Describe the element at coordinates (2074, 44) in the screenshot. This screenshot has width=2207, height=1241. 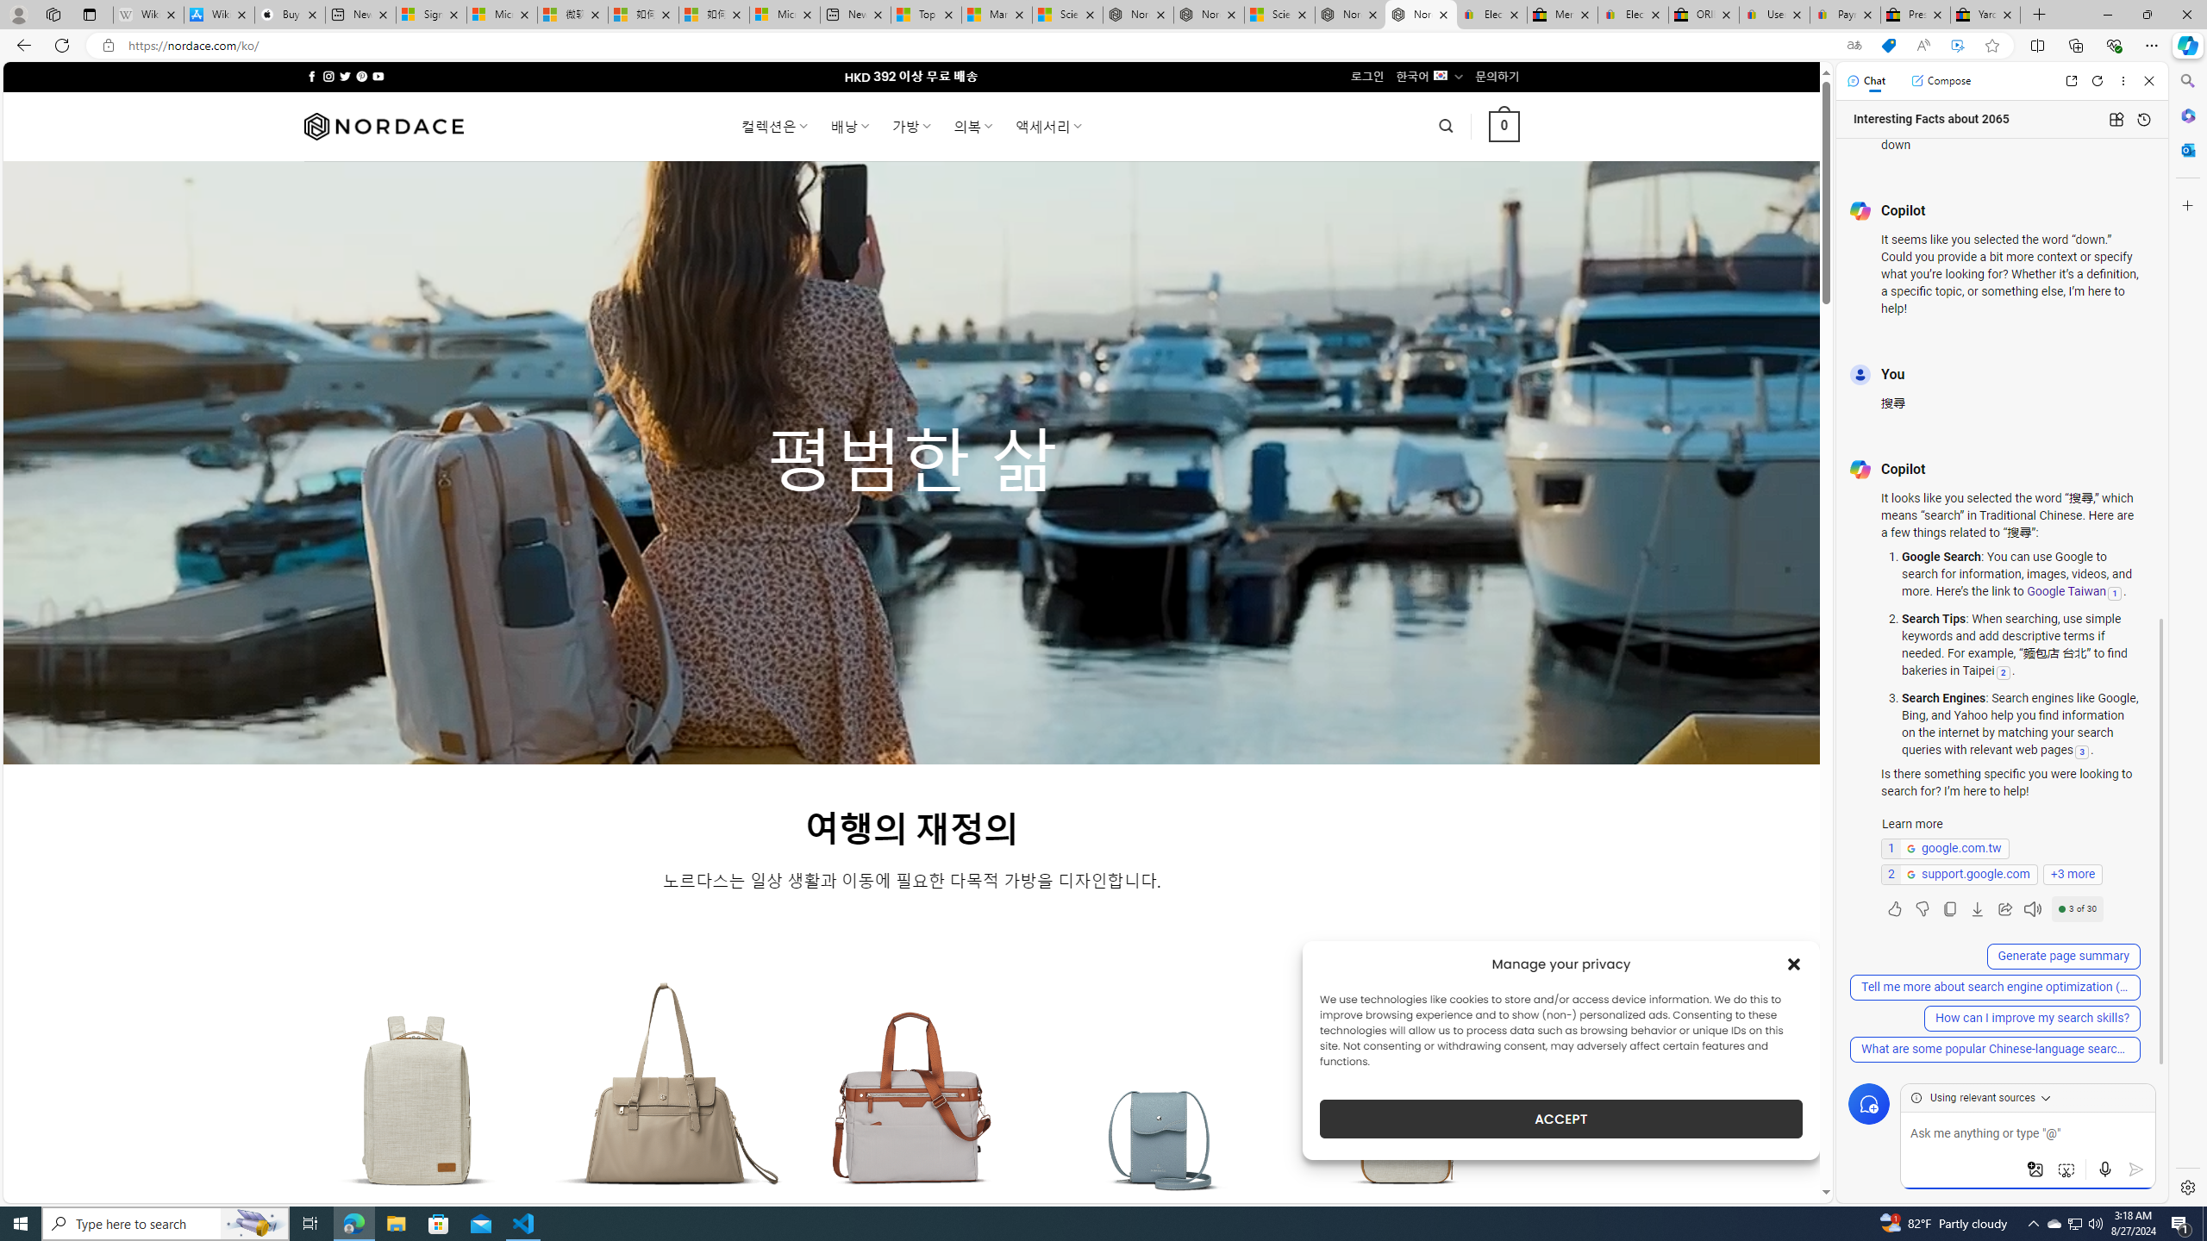
I see `'Collections'` at that location.